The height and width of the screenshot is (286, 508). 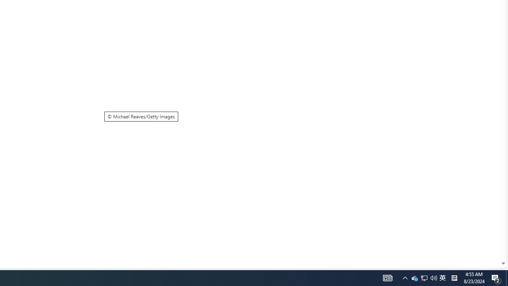 I want to click on 'Search more', so click(x=485, y=240).